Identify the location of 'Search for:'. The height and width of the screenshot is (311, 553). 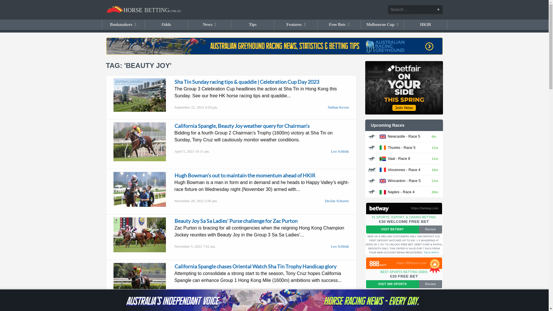
(415, 10).